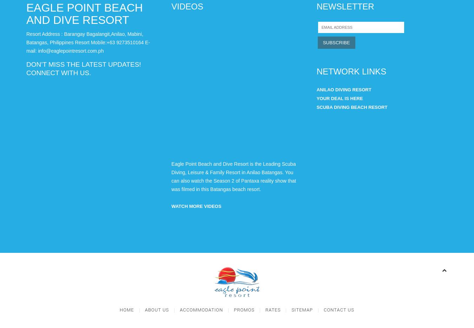 The image size is (474, 328). What do you see at coordinates (171, 206) in the screenshot?
I see `'WATCH MORE VIDEOS'` at bounding box center [171, 206].